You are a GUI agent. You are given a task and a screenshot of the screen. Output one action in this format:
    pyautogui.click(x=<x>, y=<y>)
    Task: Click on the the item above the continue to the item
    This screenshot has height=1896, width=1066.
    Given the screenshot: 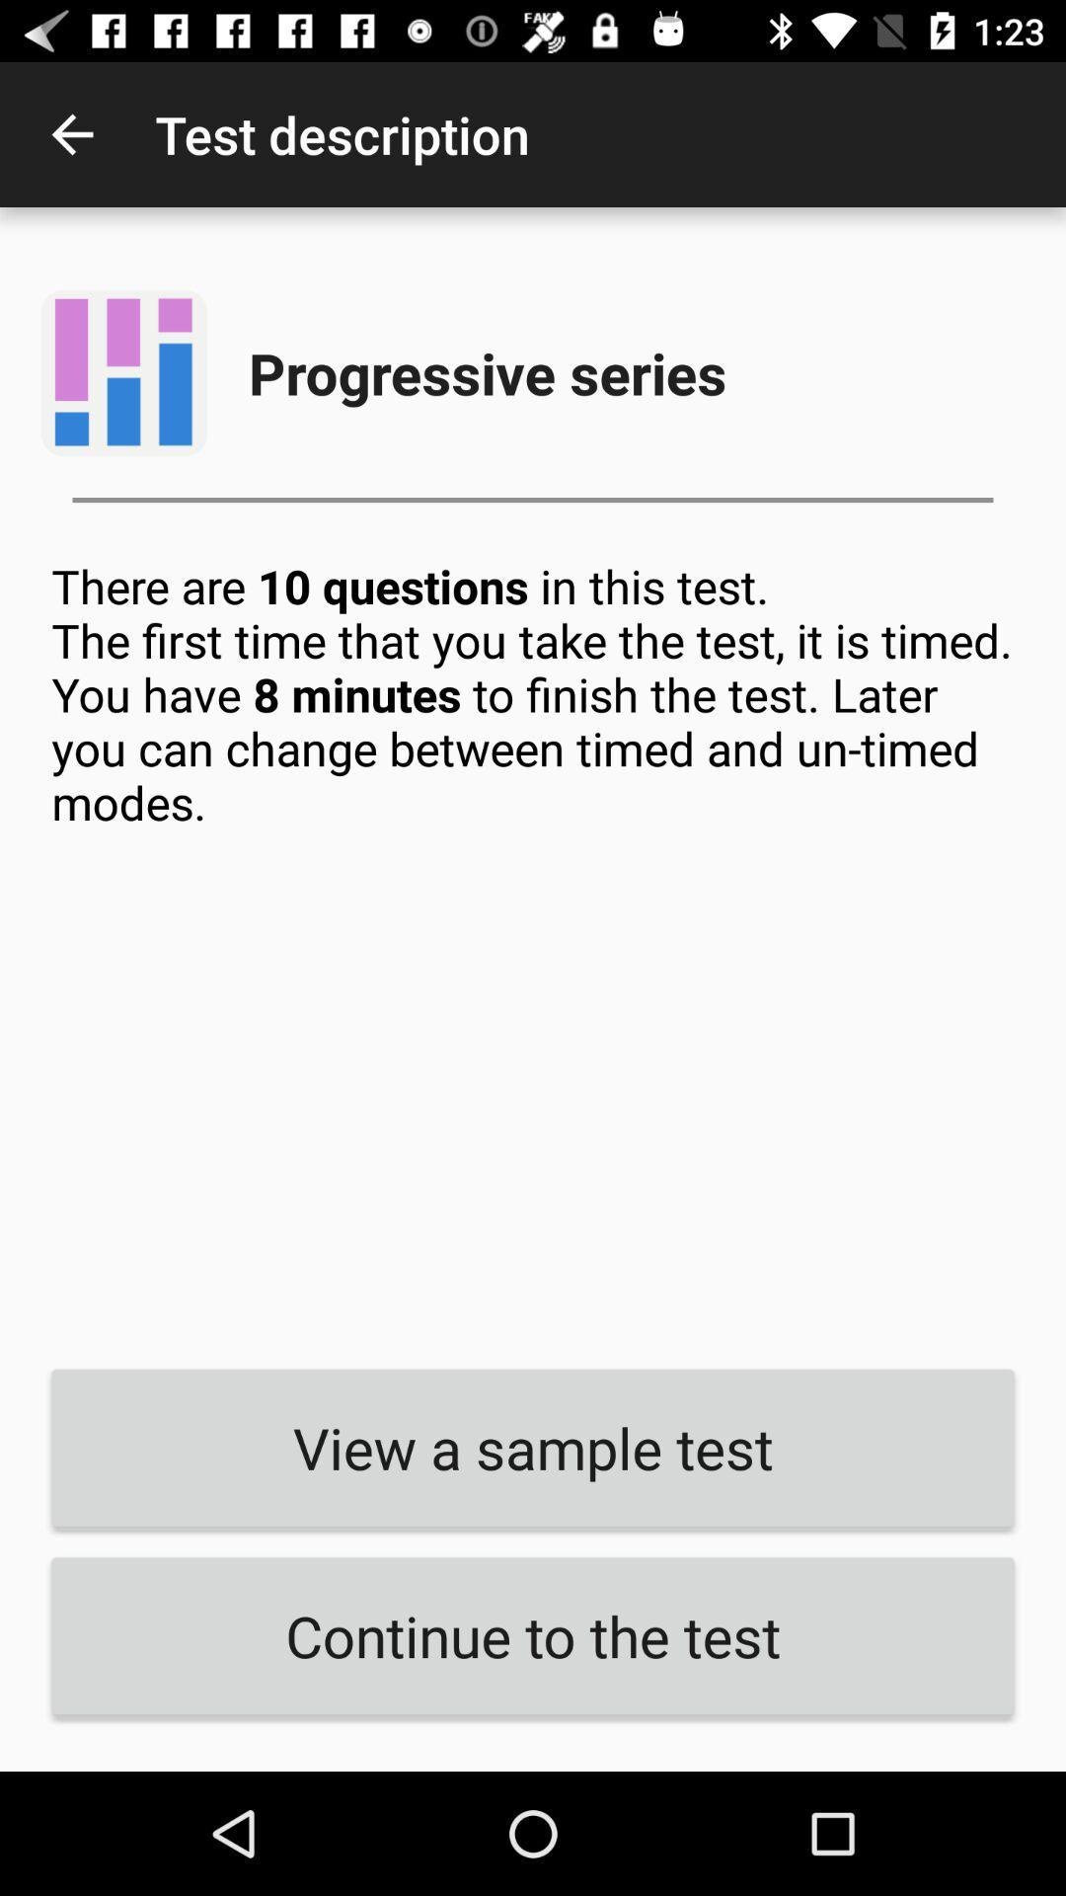 What is the action you would take?
    pyautogui.click(x=533, y=1448)
    